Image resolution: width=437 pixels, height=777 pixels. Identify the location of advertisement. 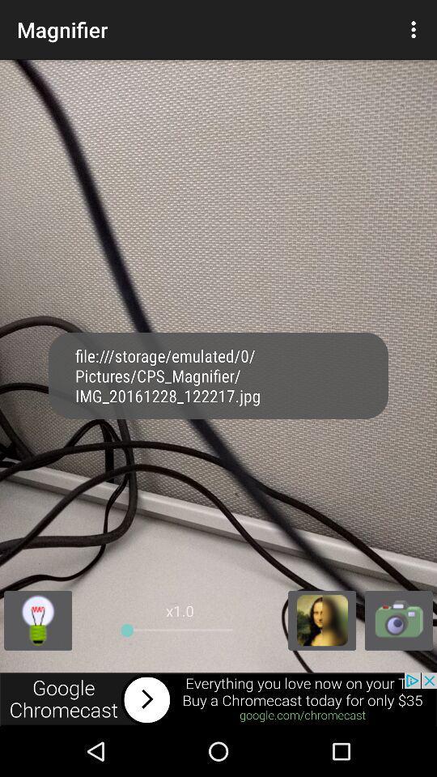
(218, 698).